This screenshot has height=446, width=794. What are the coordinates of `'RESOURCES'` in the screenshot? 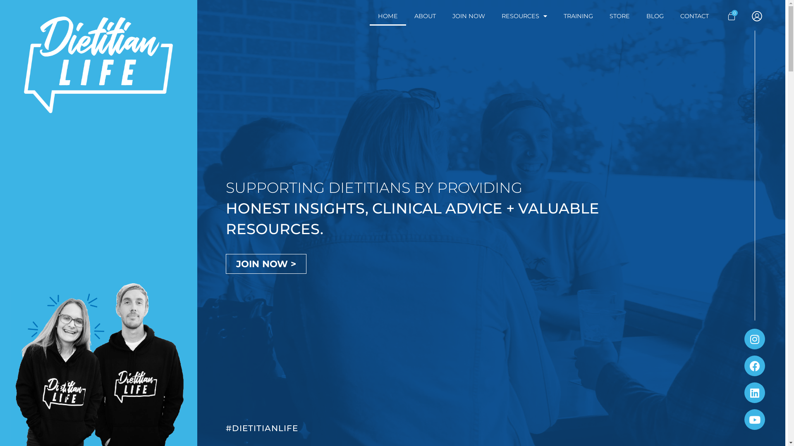 It's located at (524, 16).